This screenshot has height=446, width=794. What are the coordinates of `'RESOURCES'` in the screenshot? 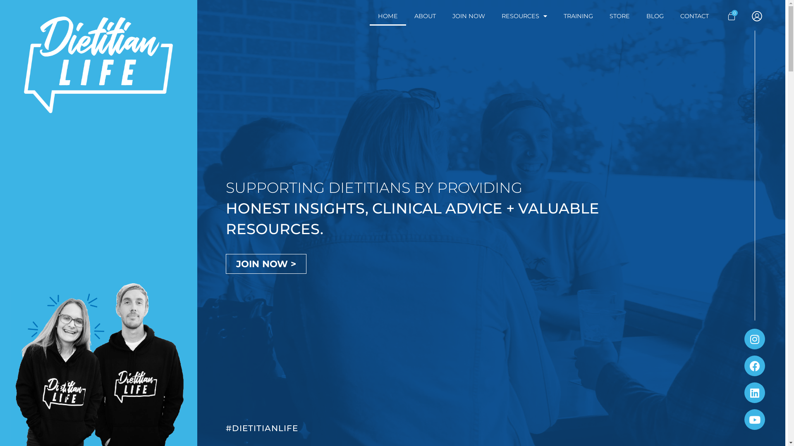 It's located at (524, 16).